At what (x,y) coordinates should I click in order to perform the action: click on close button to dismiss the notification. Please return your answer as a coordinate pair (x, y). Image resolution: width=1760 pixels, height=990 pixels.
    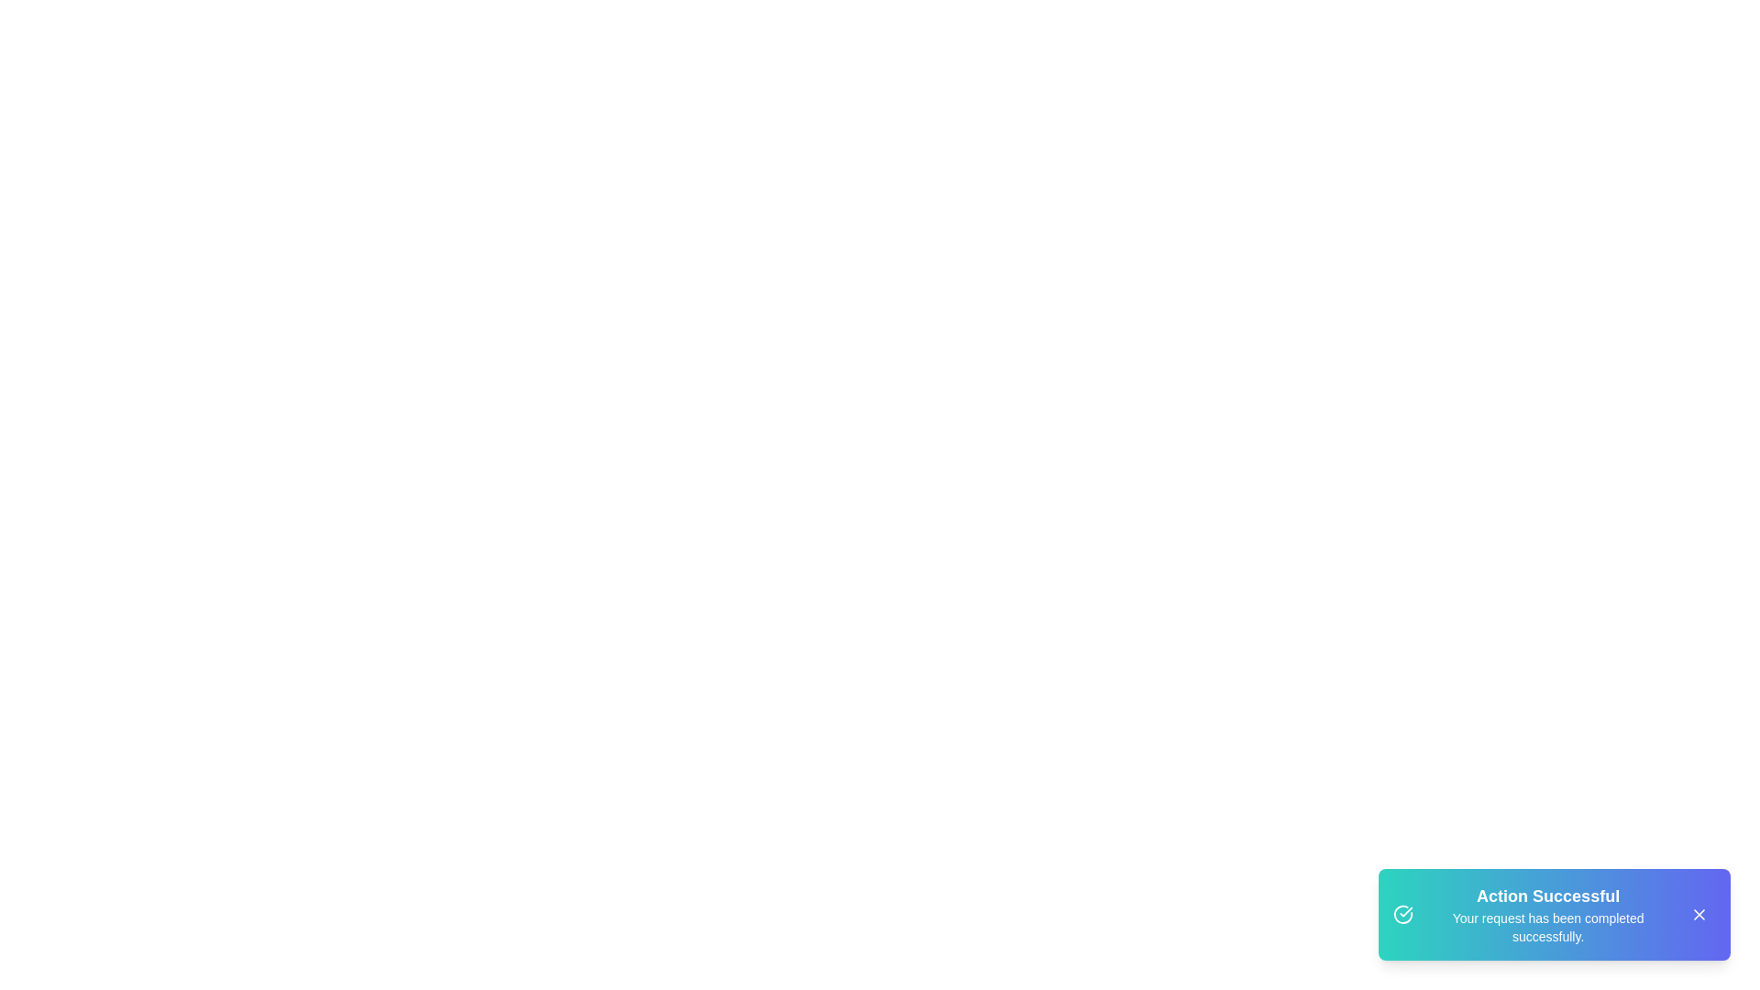
    Looking at the image, I should click on (1698, 915).